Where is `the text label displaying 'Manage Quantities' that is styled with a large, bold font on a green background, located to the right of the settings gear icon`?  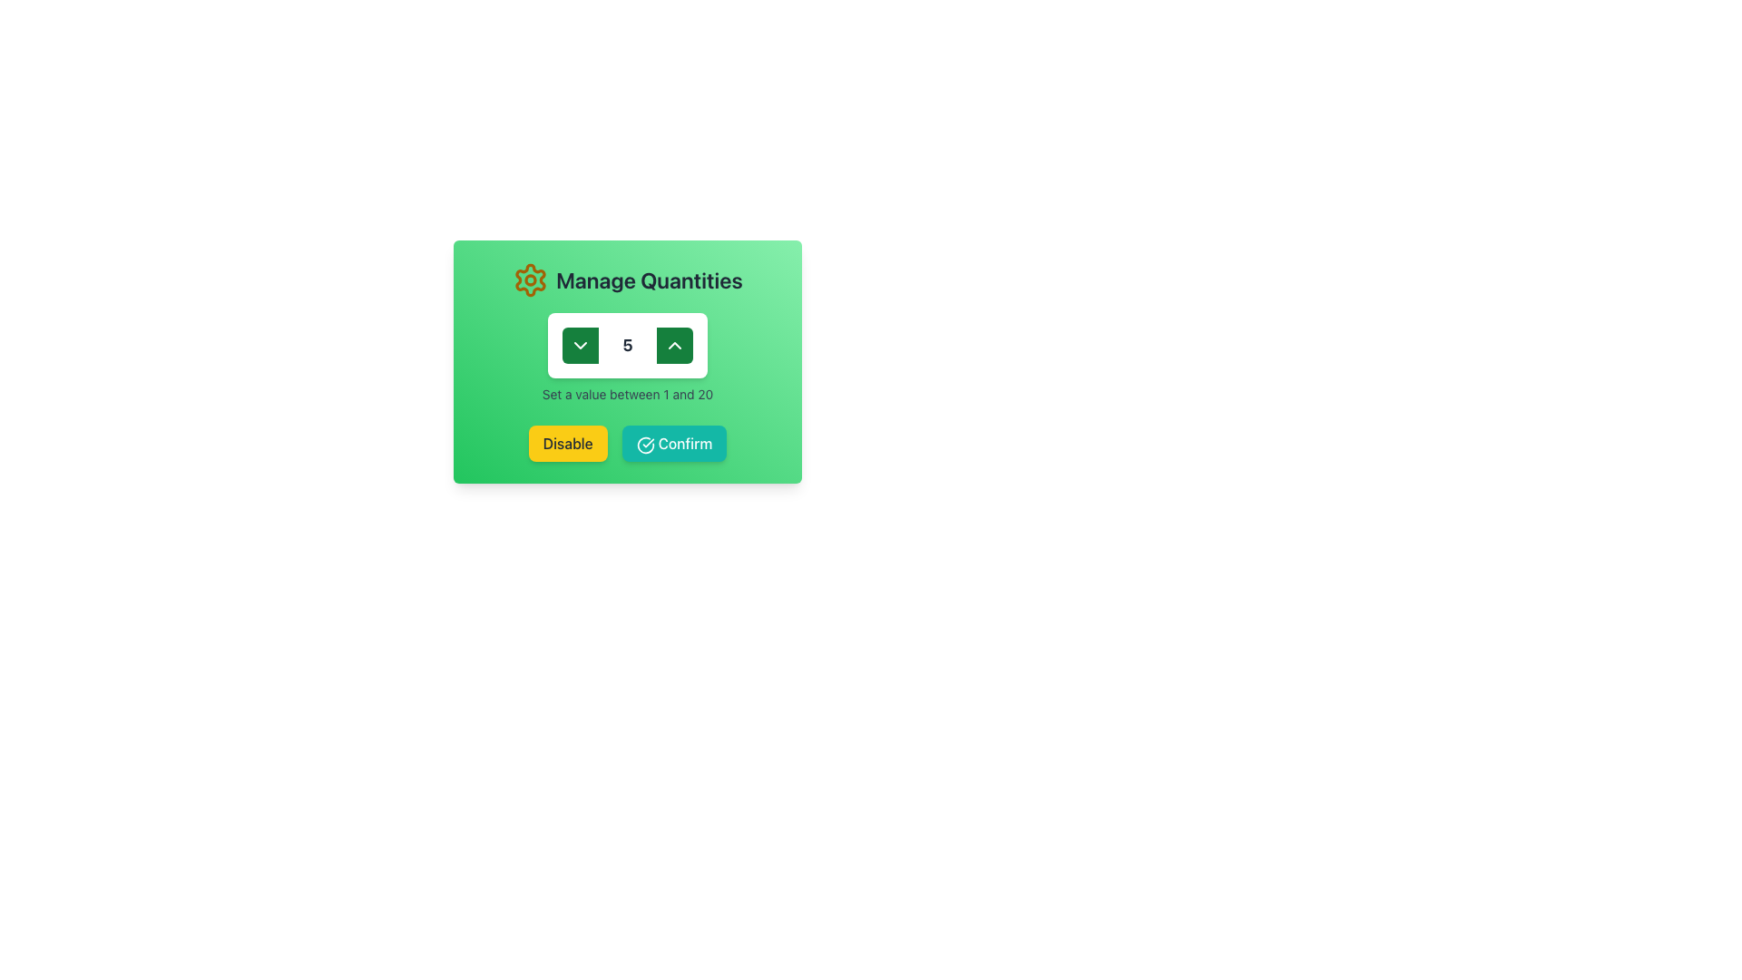 the text label displaying 'Manage Quantities' that is styled with a large, bold font on a green background, located to the right of the settings gear icon is located at coordinates (649, 279).